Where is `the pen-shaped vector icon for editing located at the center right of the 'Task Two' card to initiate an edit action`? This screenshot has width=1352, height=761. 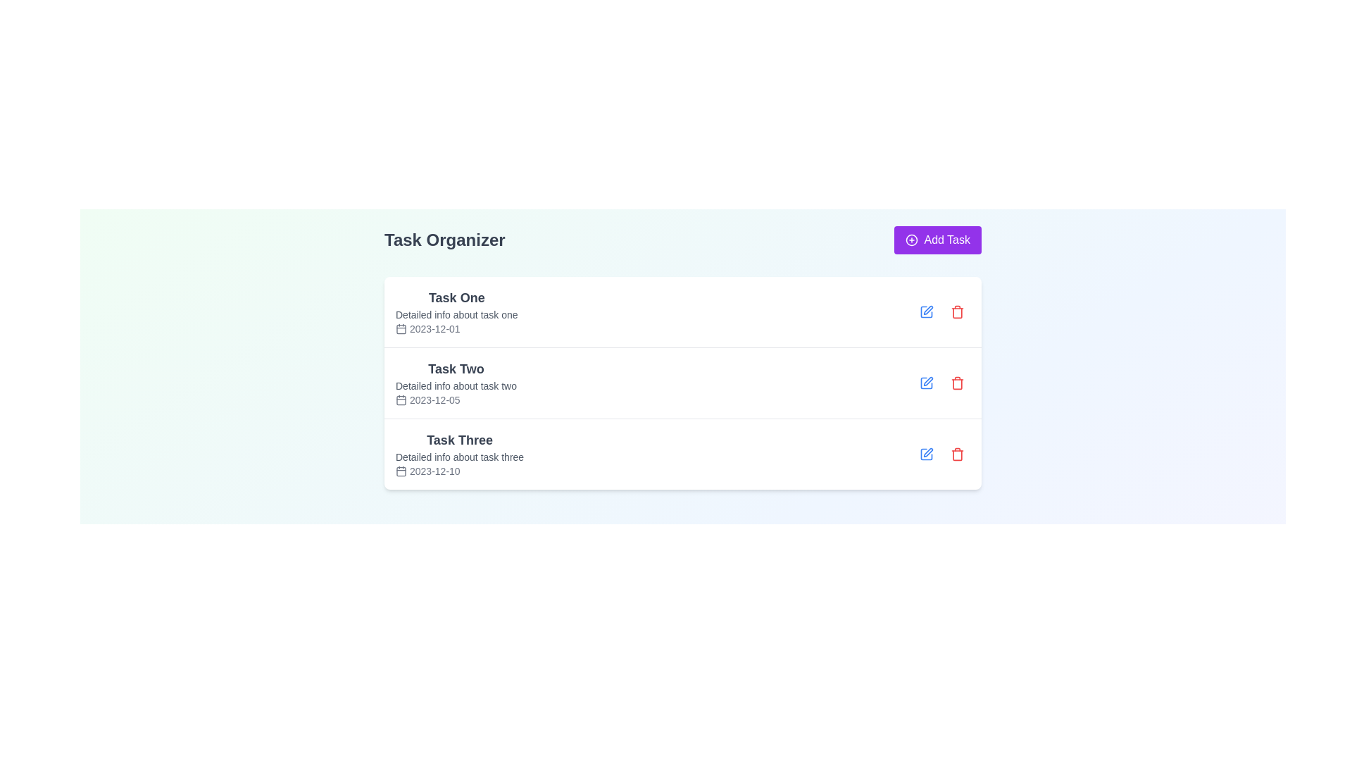
the pen-shaped vector icon for editing located at the center right of the 'Task Two' card to initiate an edit action is located at coordinates (928, 381).